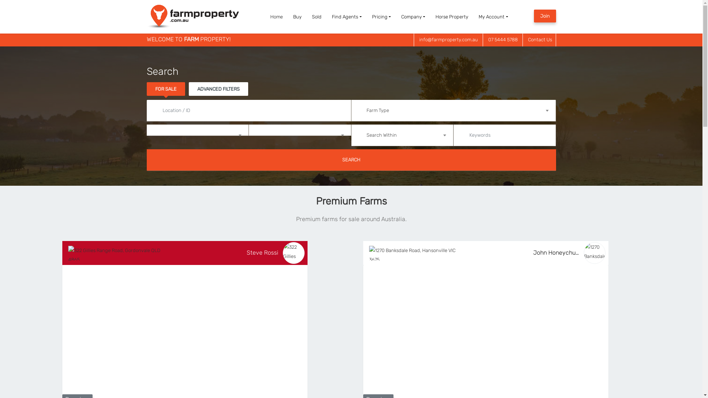 Image resolution: width=708 pixels, height=398 pixels. What do you see at coordinates (448, 39) in the screenshot?
I see `'info@farmproperty.com.au'` at bounding box center [448, 39].